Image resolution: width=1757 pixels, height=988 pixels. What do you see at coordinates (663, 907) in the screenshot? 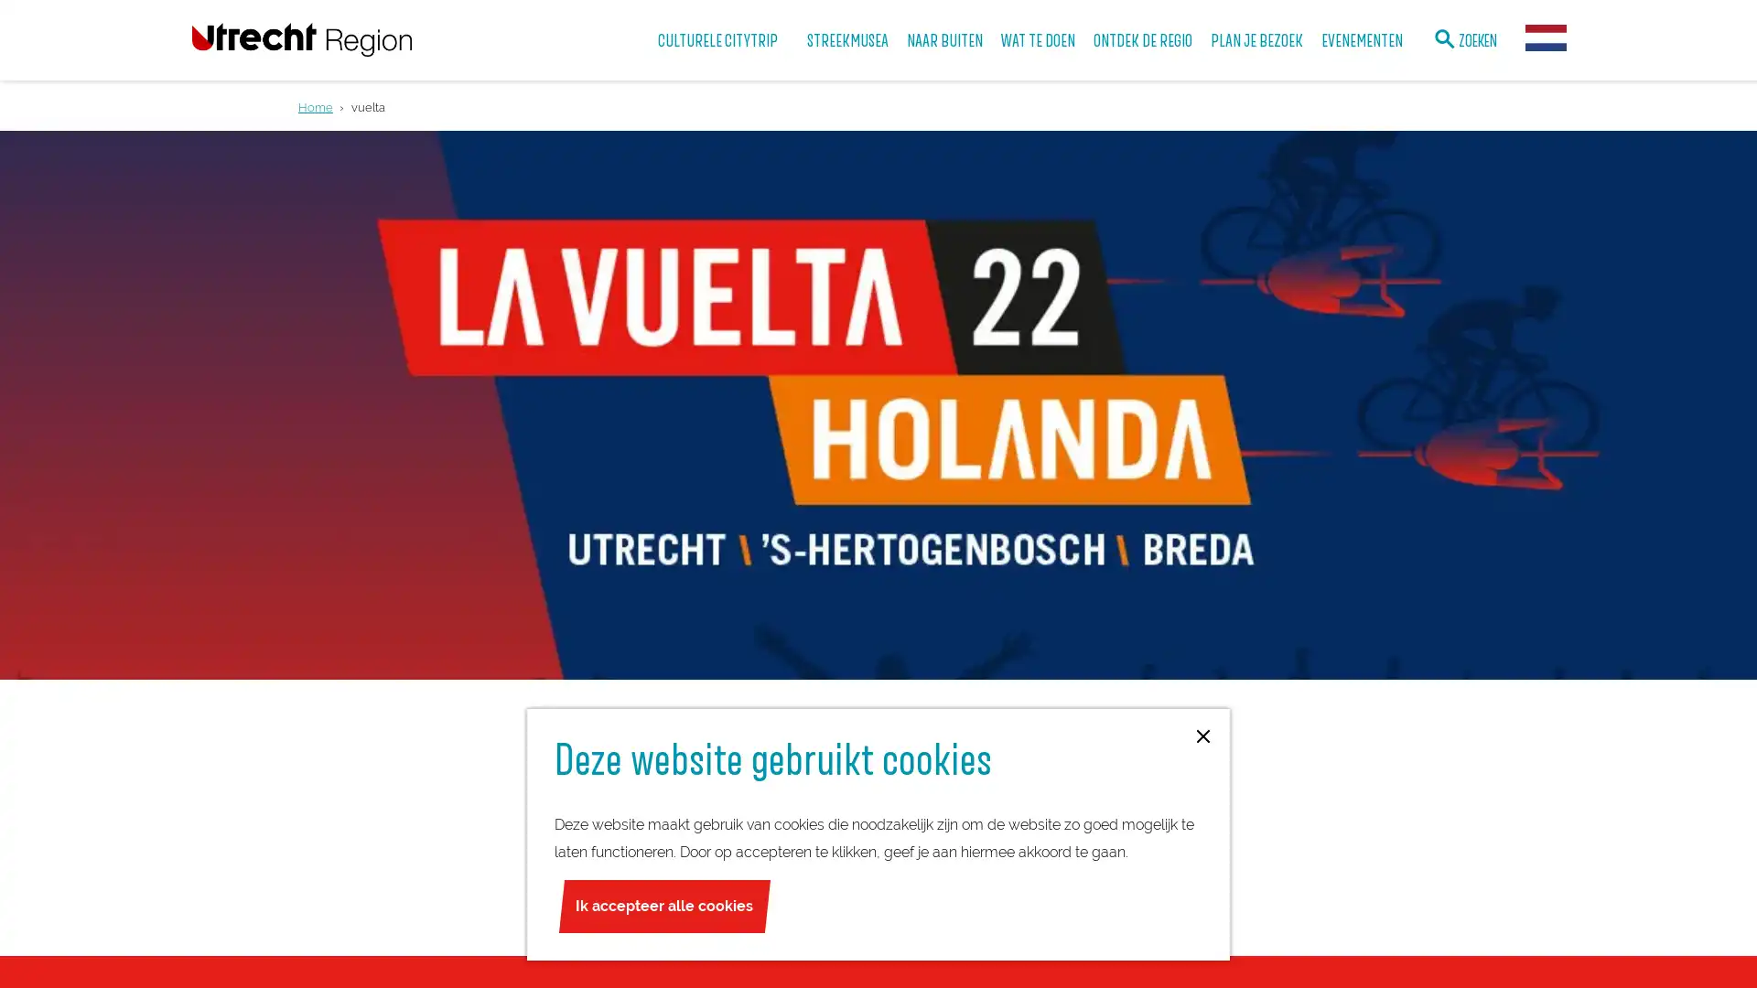
I see `Ik accepteer alle cookies` at bounding box center [663, 907].